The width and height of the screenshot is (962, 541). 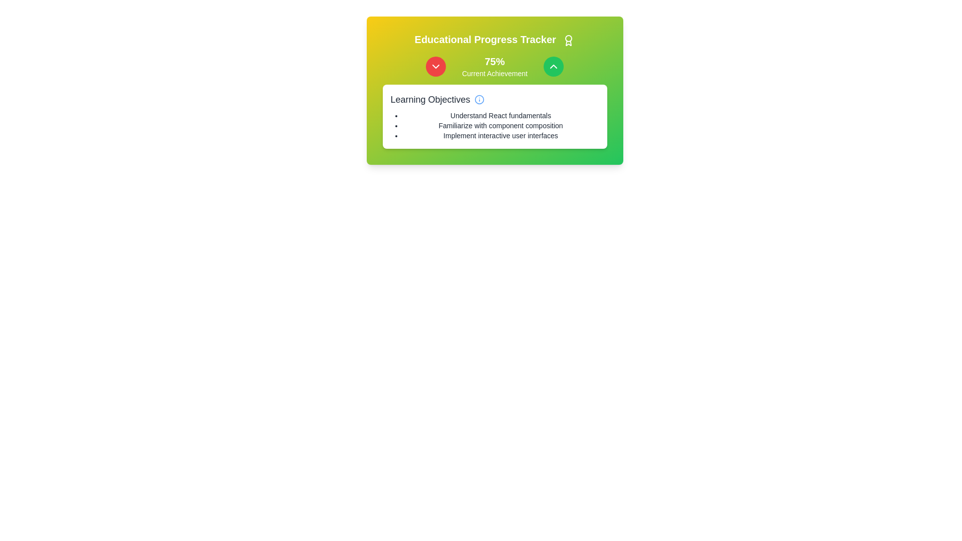 I want to click on the label displaying the text 'Current Achievement', which is centered below the sibling text '75%' in the green and yellow gradient section, so click(x=495, y=73).